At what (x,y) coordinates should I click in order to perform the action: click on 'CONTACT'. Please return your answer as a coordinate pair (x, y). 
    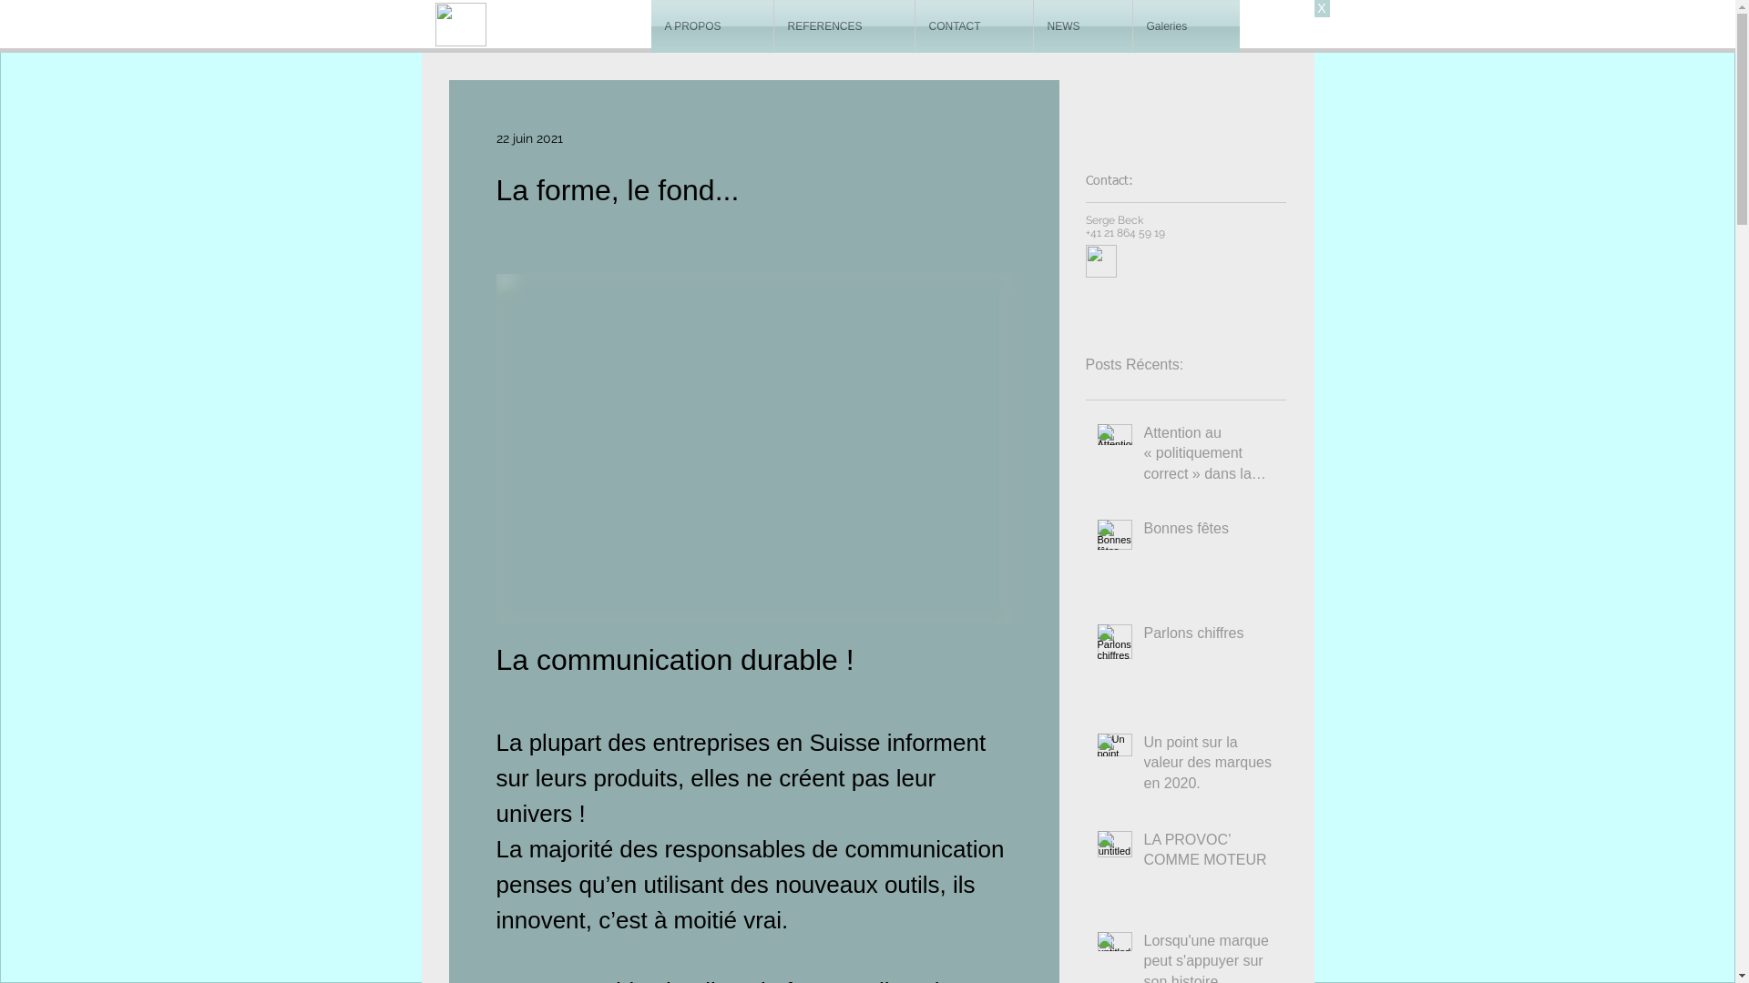
    Looking at the image, I should click on (972, 26).